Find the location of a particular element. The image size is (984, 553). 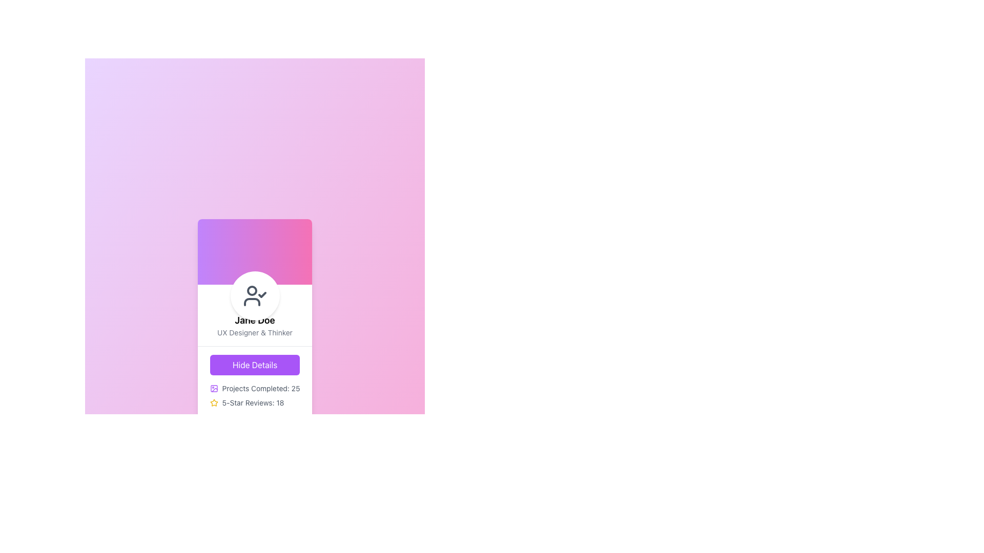

lower portion of the user avatar illustration, which represents the shoulders of the person-shaped icon, located at the top center of the layout within a card component is located at coordinates (252, 301).